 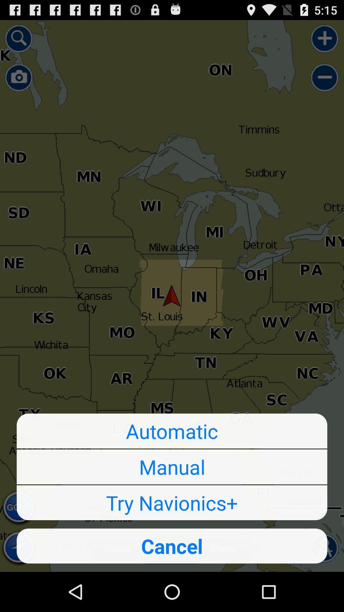 What do you see at coordinates (172, 467) in the screenshot?
I see `the manual item` at bounding box center [172, 467].